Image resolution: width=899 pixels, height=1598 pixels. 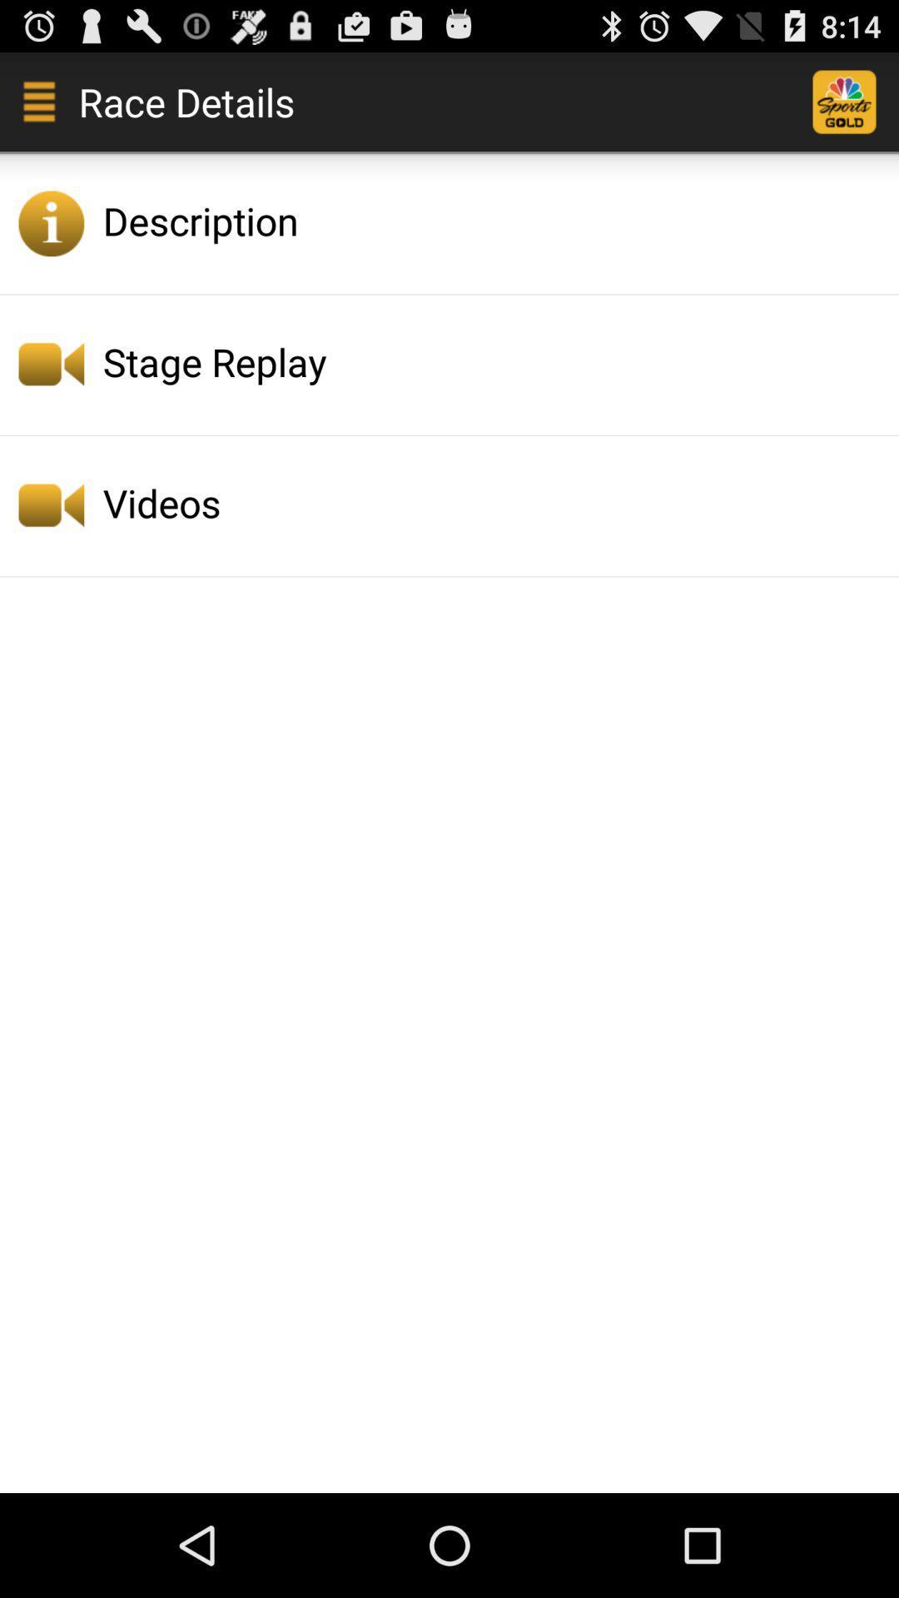 I want to click on description icon, so click(x=495, y=220).